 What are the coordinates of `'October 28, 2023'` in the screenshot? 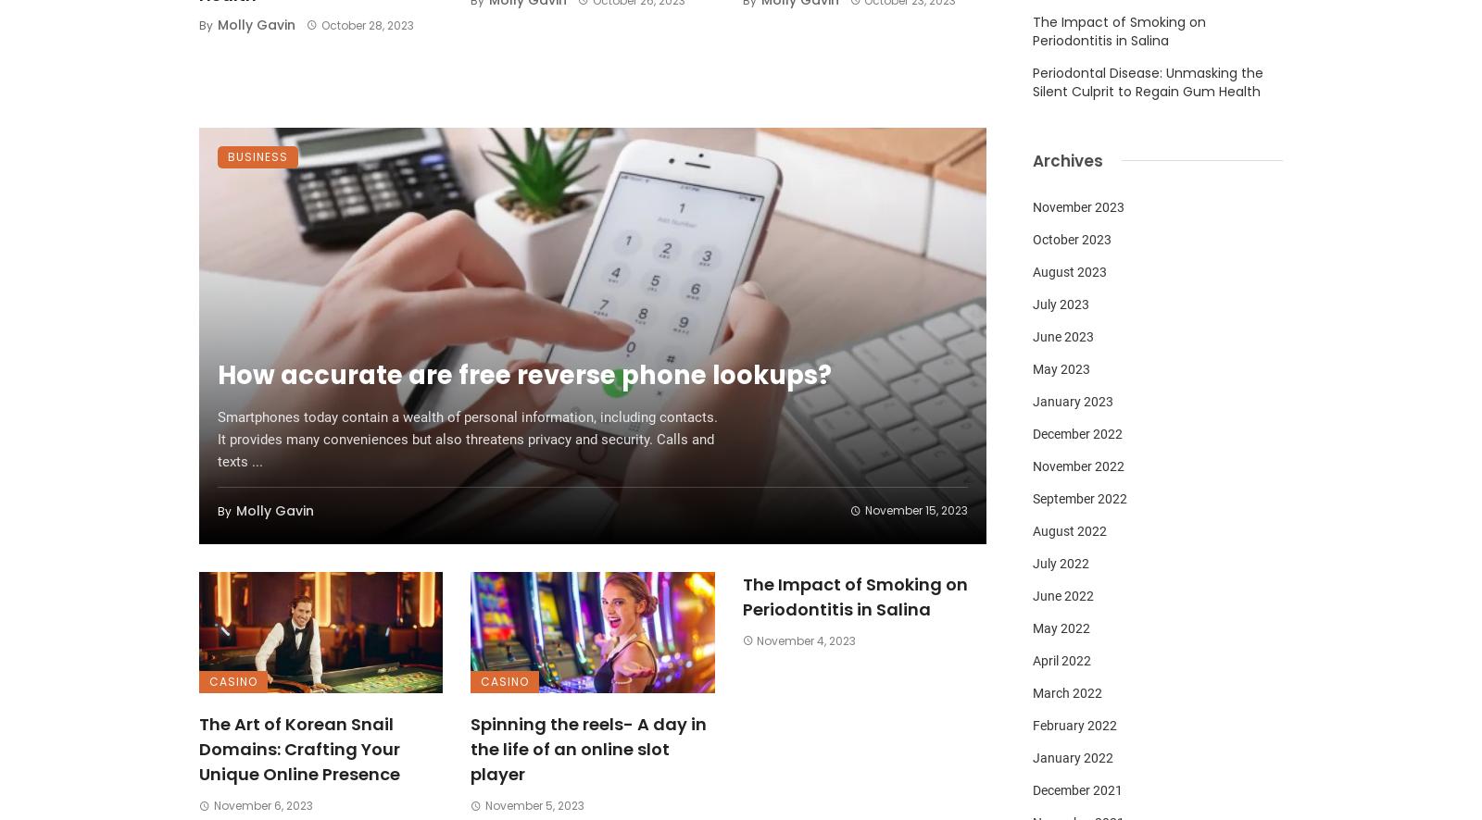 It's located at (367, 24).